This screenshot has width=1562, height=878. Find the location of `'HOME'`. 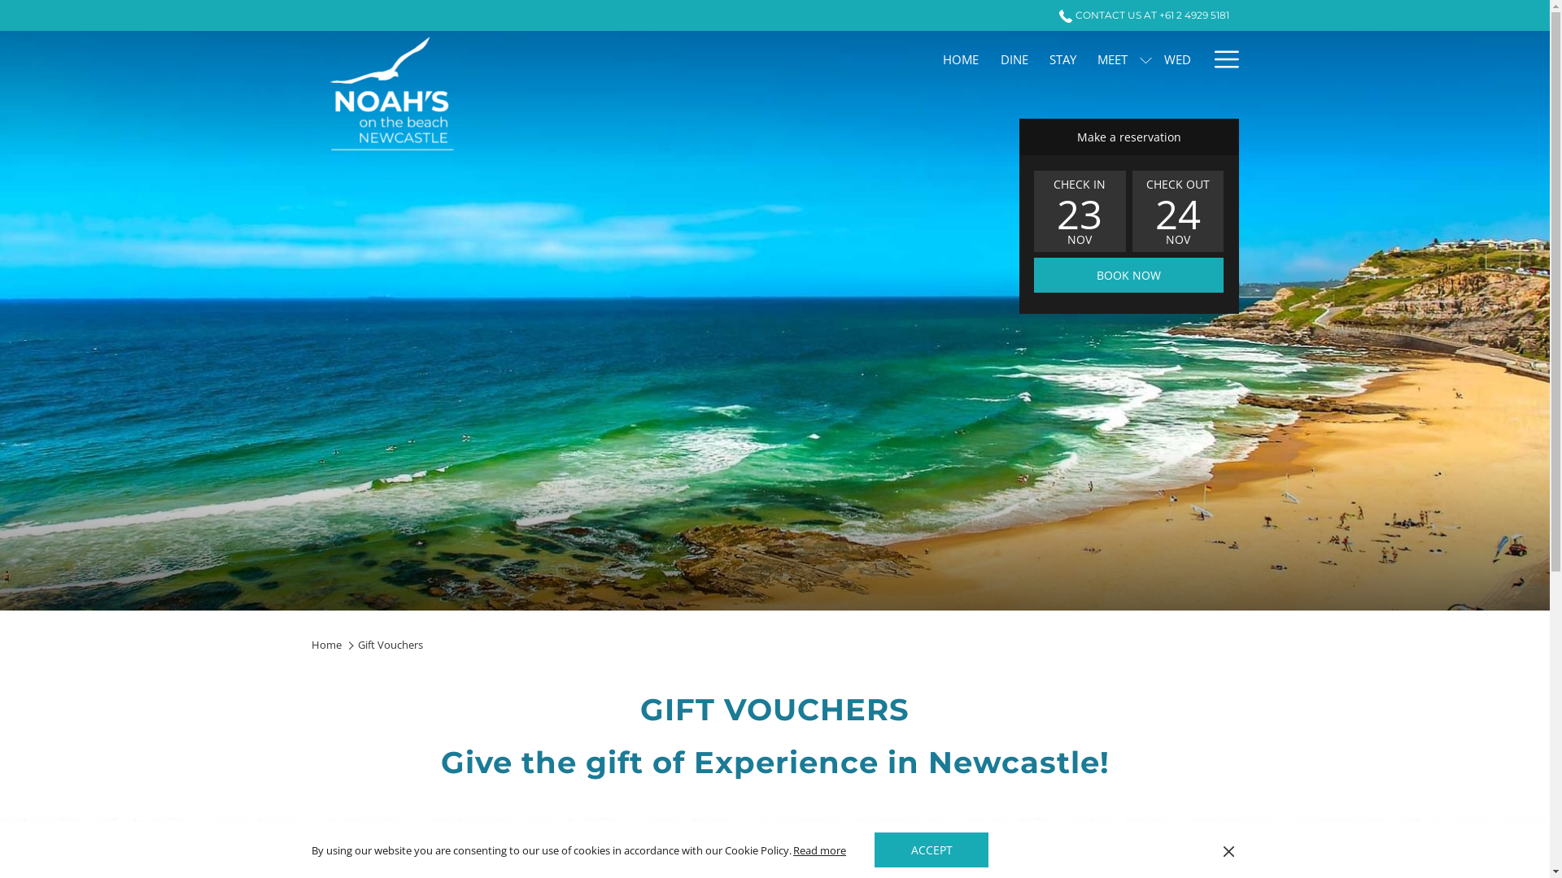

'HOME' is located at coordinates (960, 58).